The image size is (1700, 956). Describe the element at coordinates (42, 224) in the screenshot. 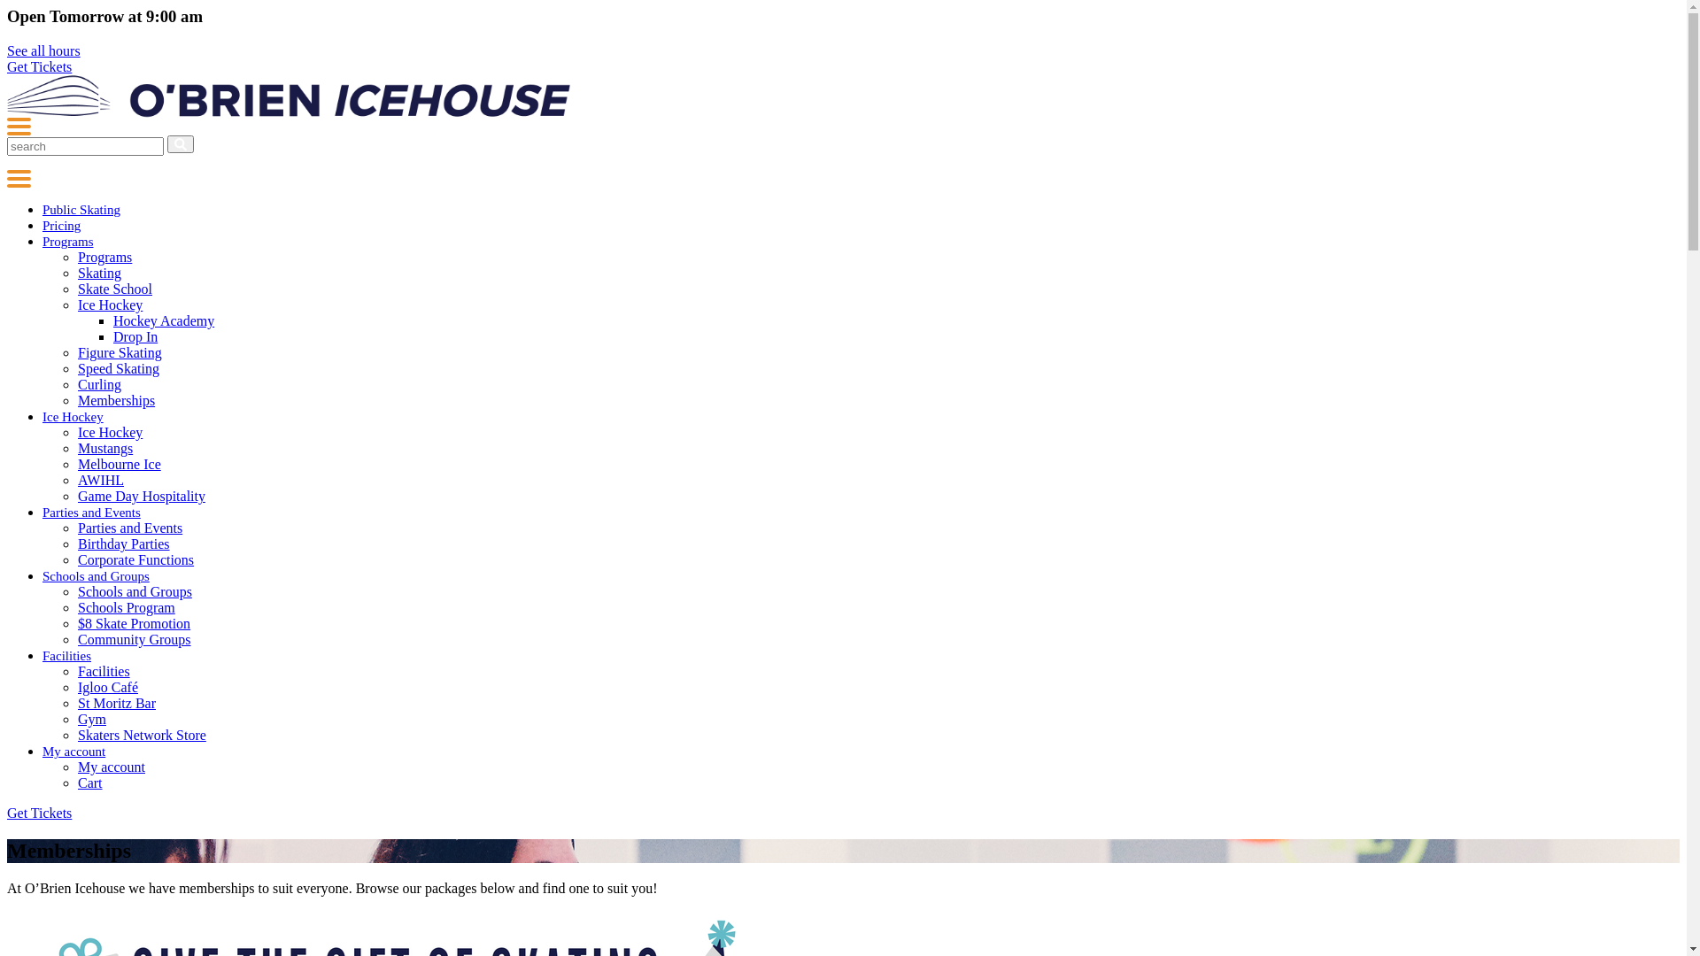

I see `'Pricing'` at that location.